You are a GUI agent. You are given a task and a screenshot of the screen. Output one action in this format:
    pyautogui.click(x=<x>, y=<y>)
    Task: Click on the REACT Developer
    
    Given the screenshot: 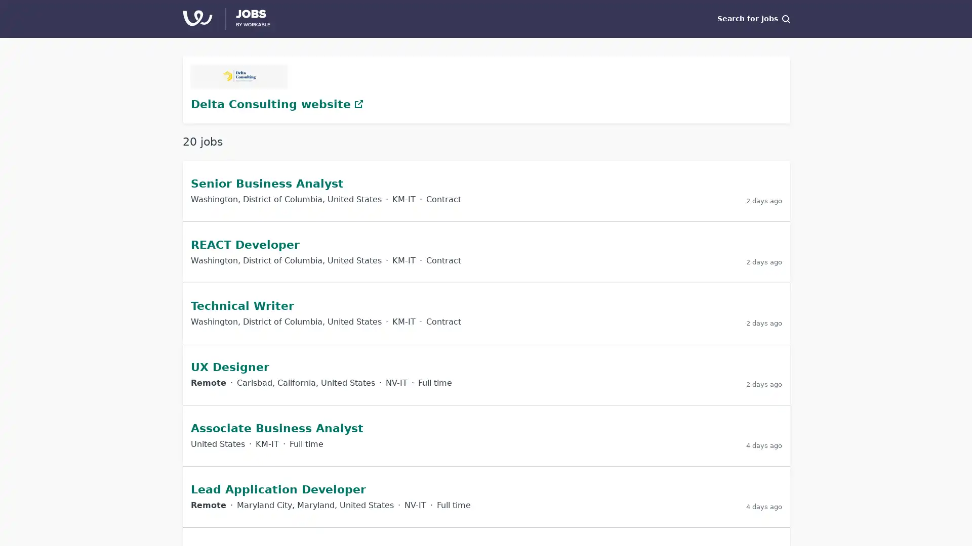 What is the action you would take?
    pyautogui.click(x=245, y=244)
    